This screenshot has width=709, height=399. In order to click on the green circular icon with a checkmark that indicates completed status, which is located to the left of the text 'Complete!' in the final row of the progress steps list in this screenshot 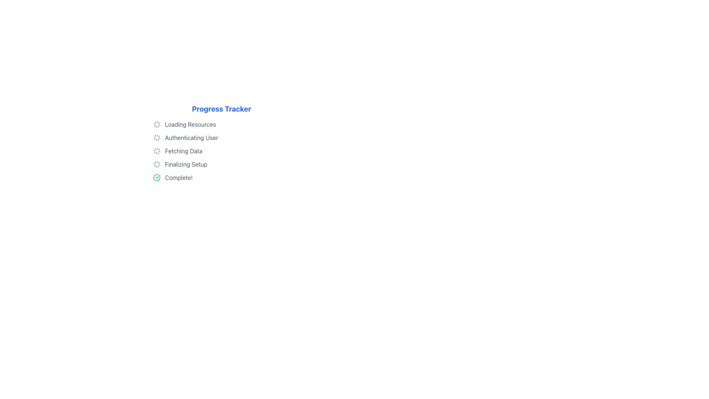, I will do `click(157, 178)`.